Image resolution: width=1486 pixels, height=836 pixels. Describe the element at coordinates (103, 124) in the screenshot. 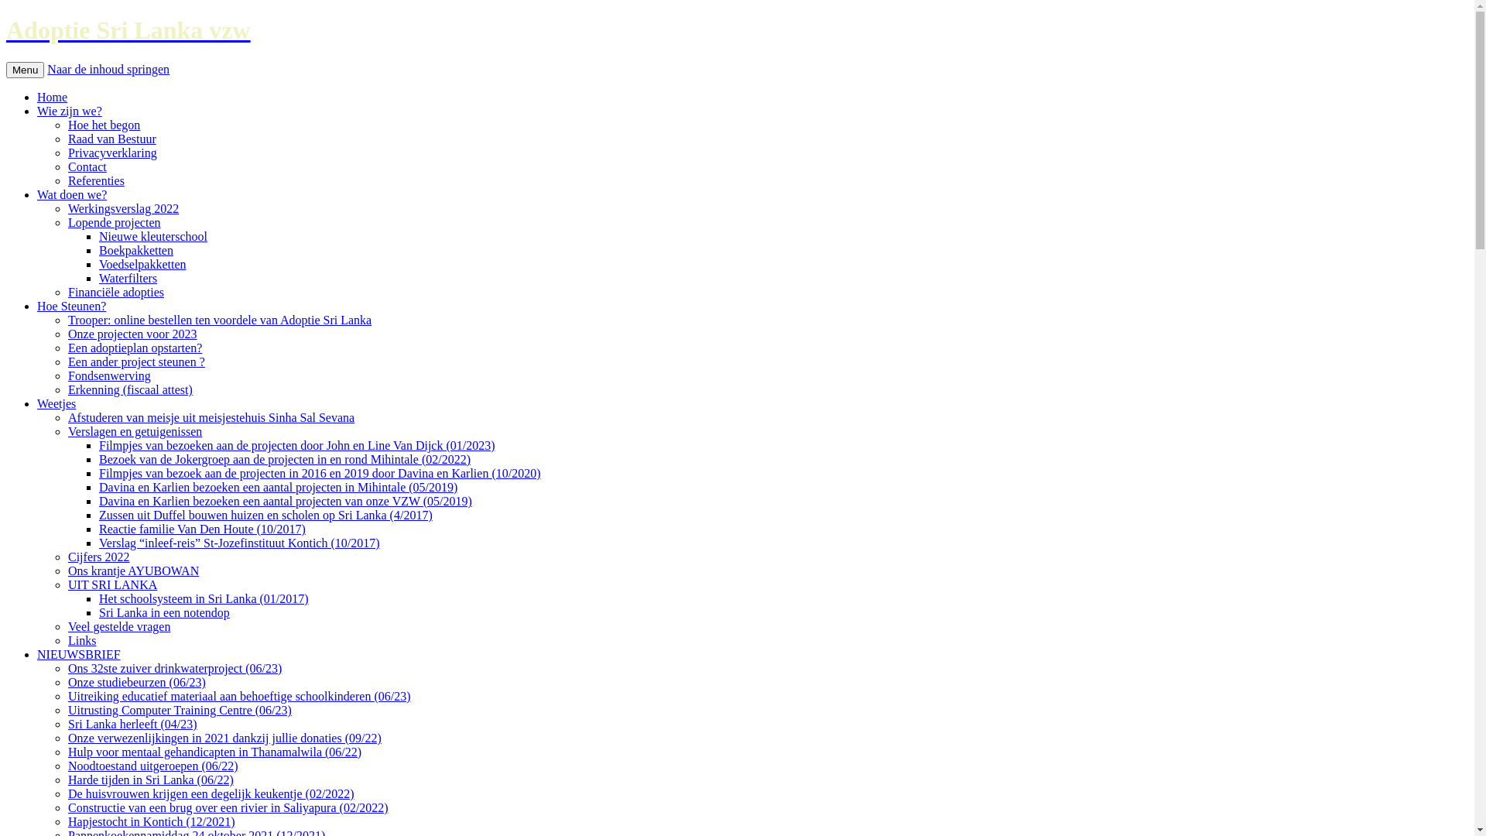

I see `'Hoe het begon'` at that location.